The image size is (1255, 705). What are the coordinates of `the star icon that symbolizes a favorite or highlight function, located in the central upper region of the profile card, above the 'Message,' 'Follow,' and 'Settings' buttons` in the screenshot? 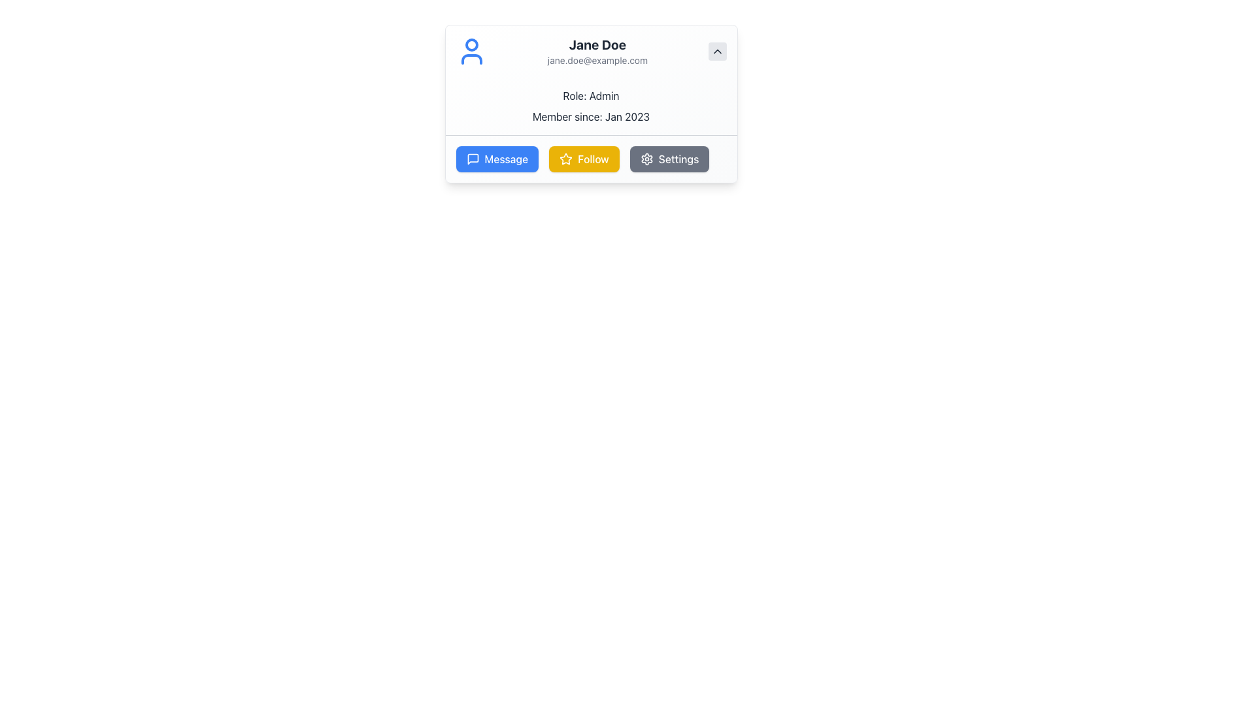 It's located at (566, 158).